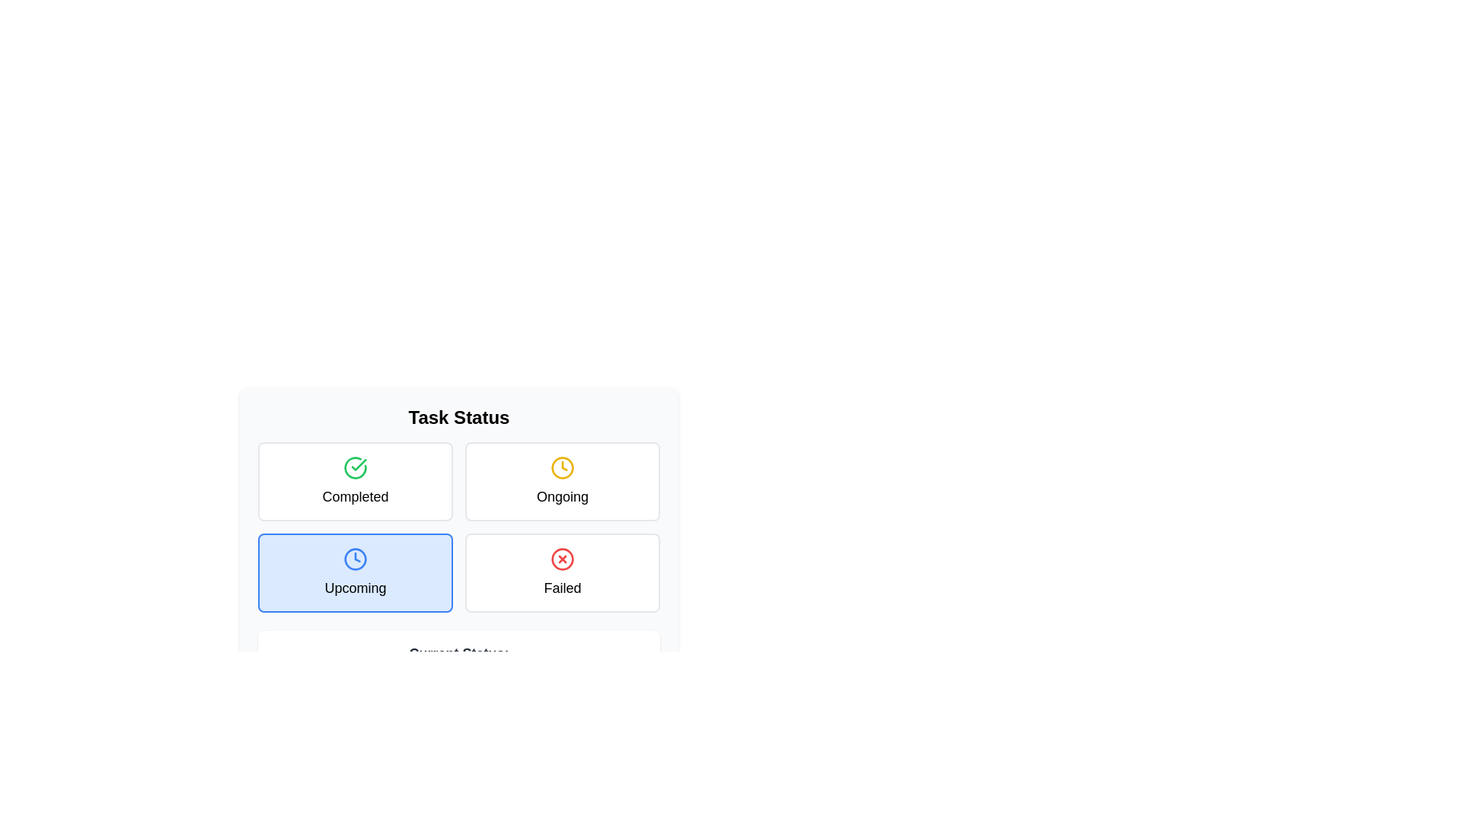 The width and height of the screenshot is (1462, 822). Describe the element at coordinates (562, 481) in the screenshot. I see `the task status to Ongoing` at that location.